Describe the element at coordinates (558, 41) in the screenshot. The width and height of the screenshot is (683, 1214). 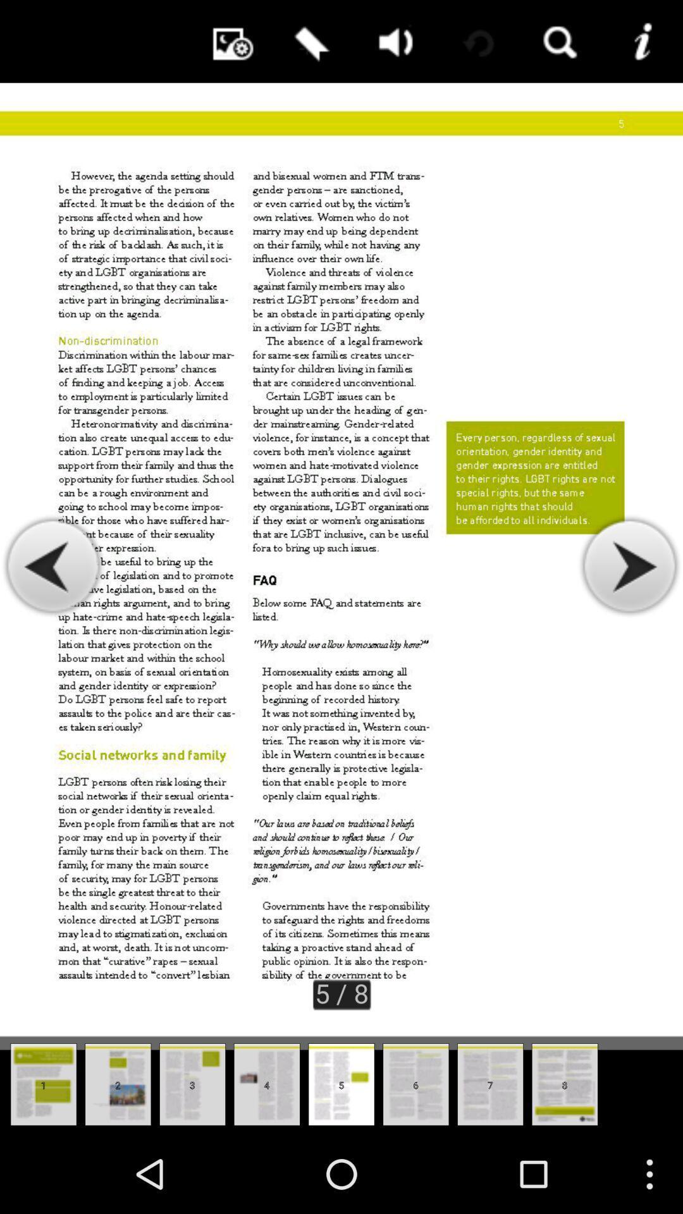
I see `search the page` at that location.